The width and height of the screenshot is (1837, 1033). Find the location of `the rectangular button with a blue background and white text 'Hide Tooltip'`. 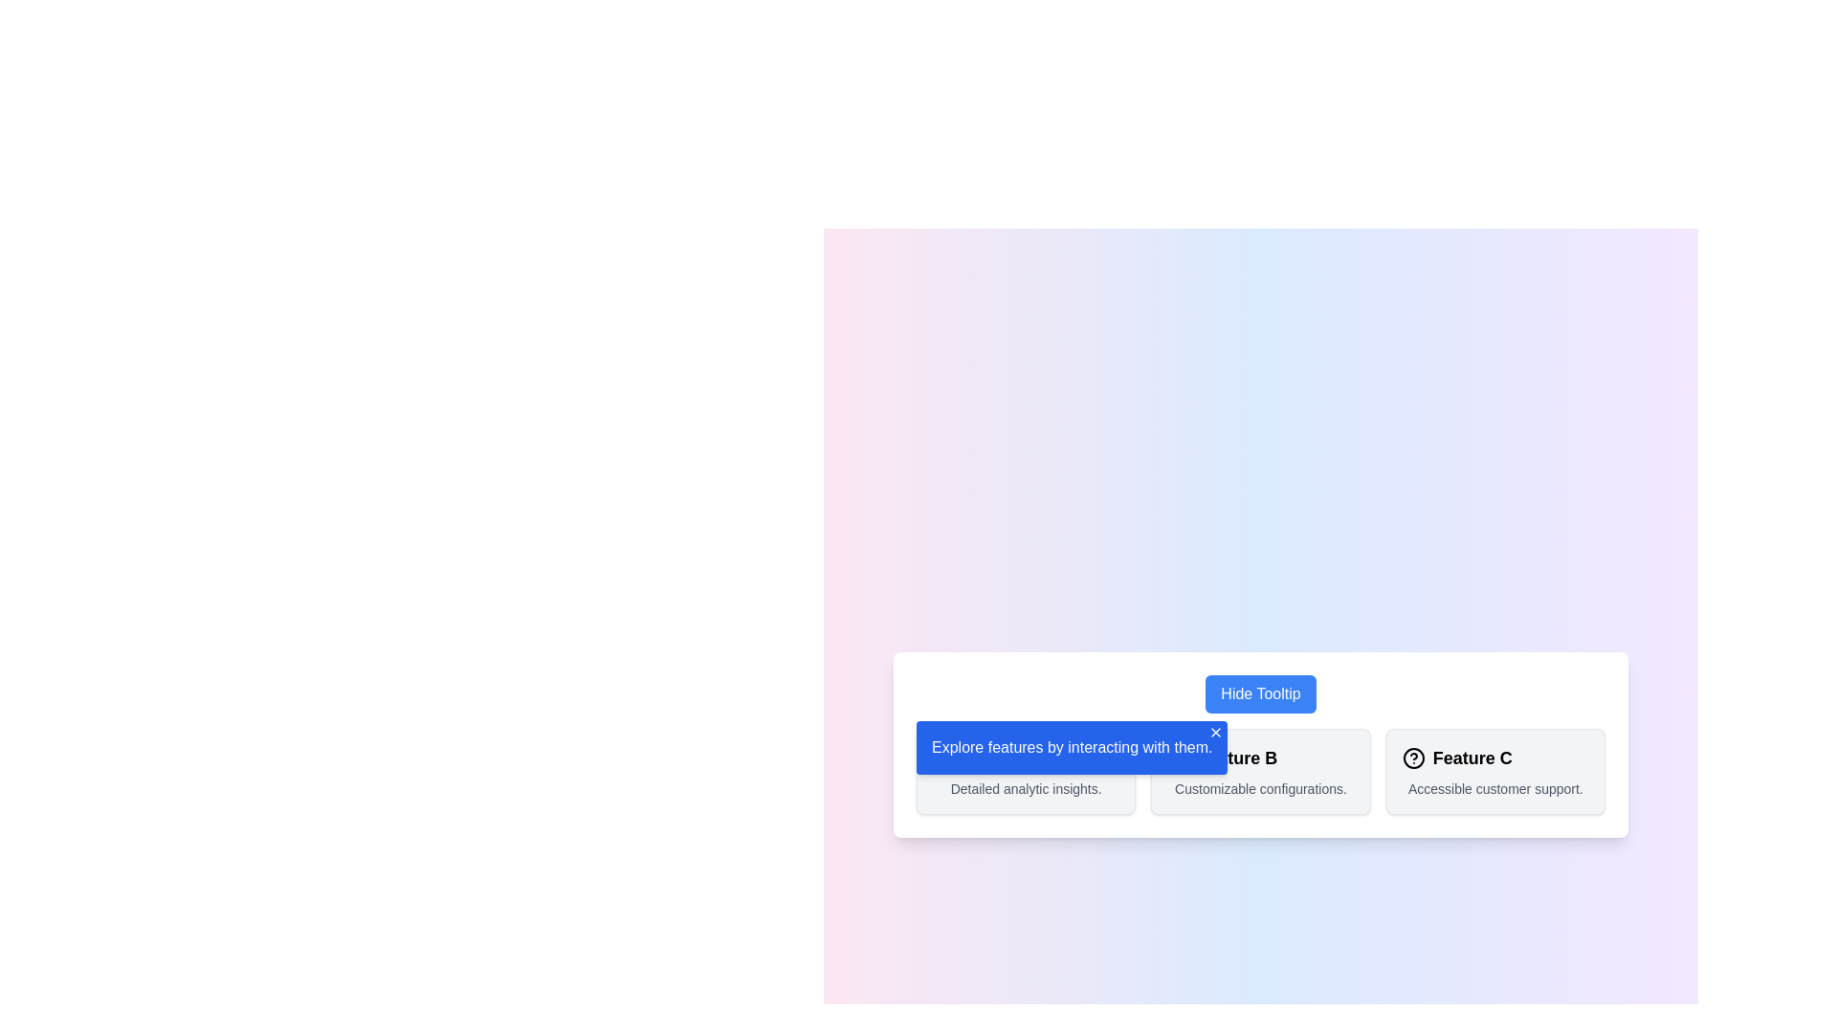

the rectangular button with a blue background and white text 'Hide Tooltip' is located at coordinates (1261, 693).